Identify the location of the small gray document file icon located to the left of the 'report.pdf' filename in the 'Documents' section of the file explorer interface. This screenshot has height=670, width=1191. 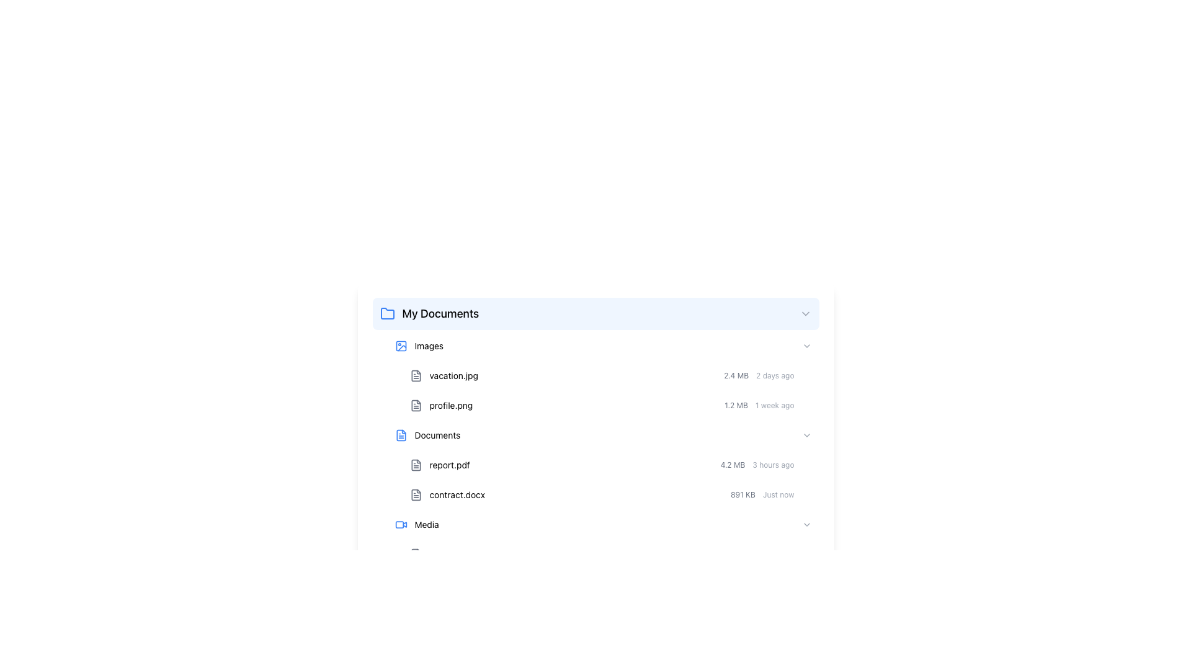
(416, 465).